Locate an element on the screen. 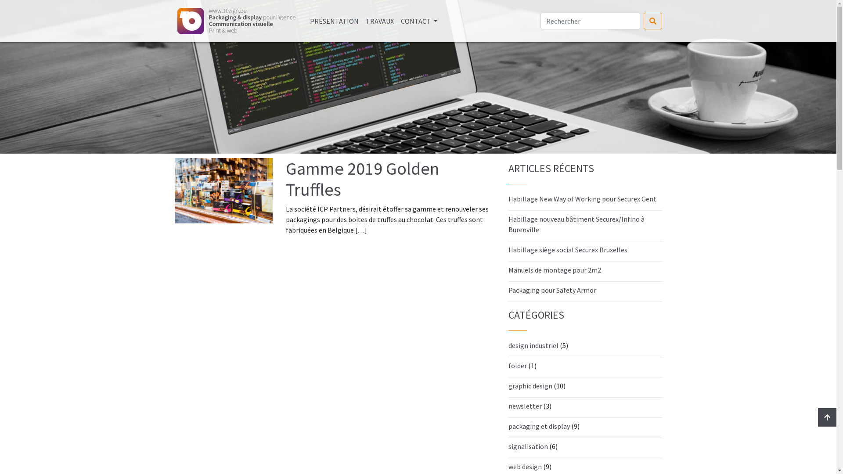 This screenshot has width=843, height=474. 'design industriel' is located at coordinates (533, 345).